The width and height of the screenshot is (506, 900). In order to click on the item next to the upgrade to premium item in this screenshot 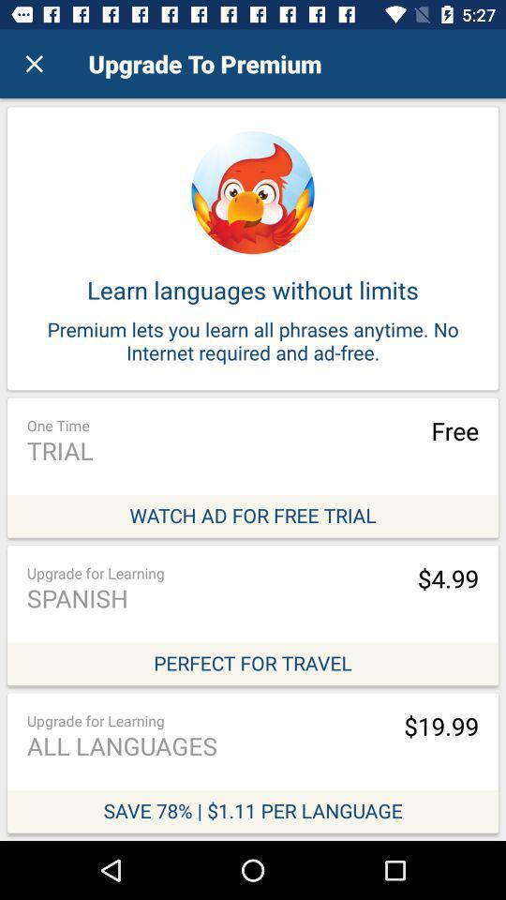, I will do `click(34, 64)`.